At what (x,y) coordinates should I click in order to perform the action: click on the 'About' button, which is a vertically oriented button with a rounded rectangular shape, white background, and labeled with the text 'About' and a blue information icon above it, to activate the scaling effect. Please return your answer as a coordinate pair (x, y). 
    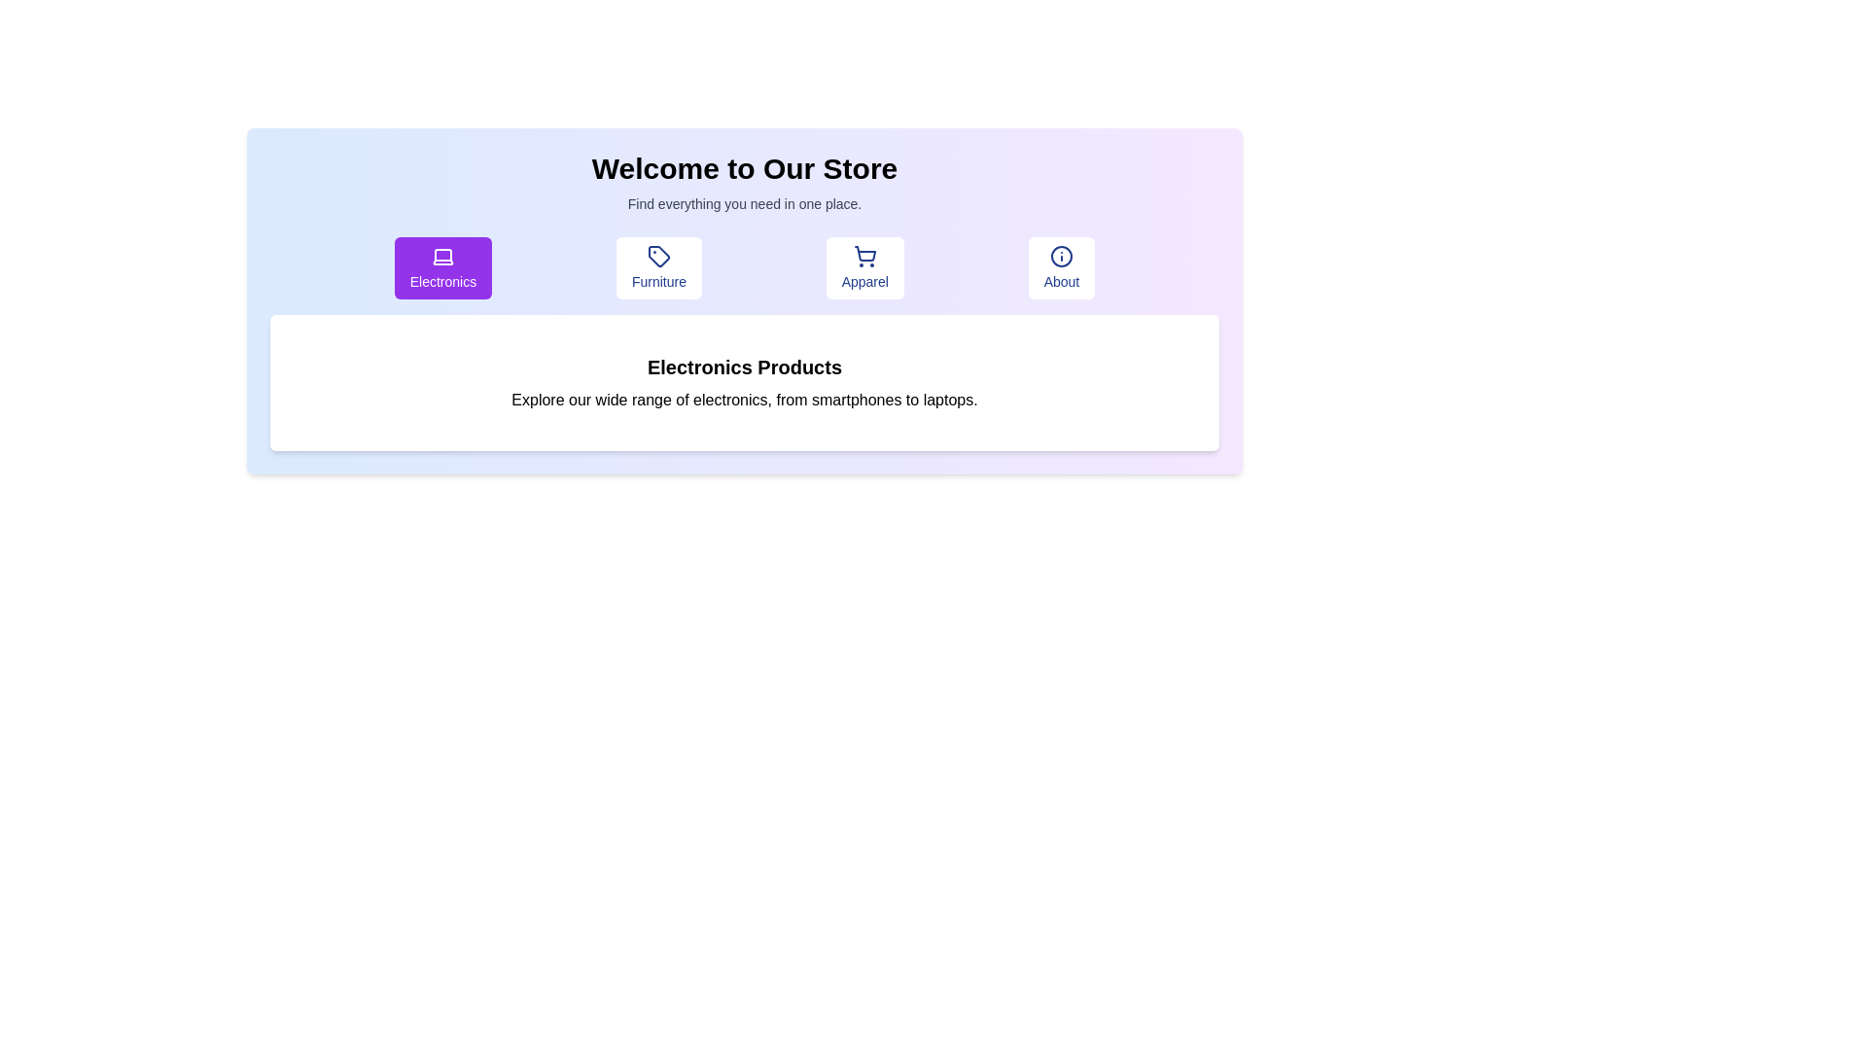
    Looking at the image, I should click on (1060, 268).